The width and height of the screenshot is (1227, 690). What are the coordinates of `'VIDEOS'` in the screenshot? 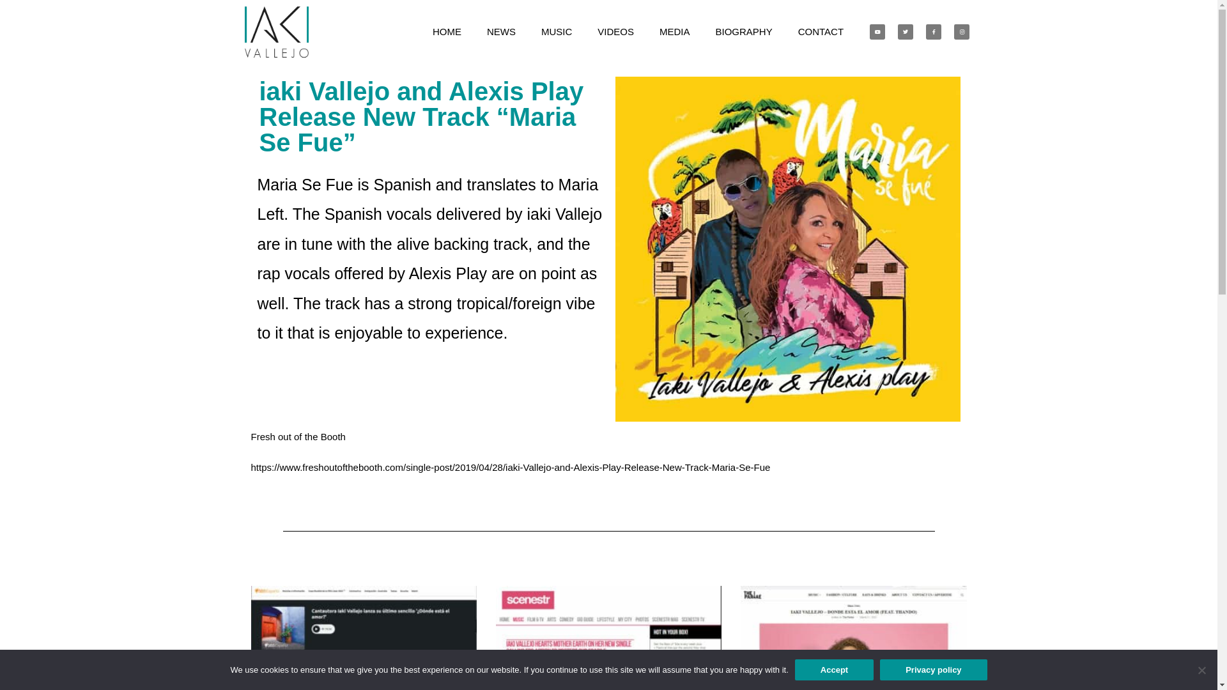 It's located at (615, 31).